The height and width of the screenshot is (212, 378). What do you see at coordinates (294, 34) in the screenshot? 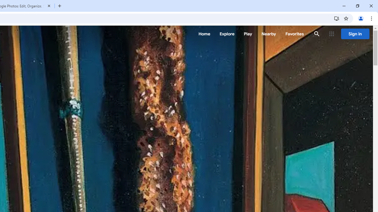
I see `'Favorites'` at bounding box center [294, 34].